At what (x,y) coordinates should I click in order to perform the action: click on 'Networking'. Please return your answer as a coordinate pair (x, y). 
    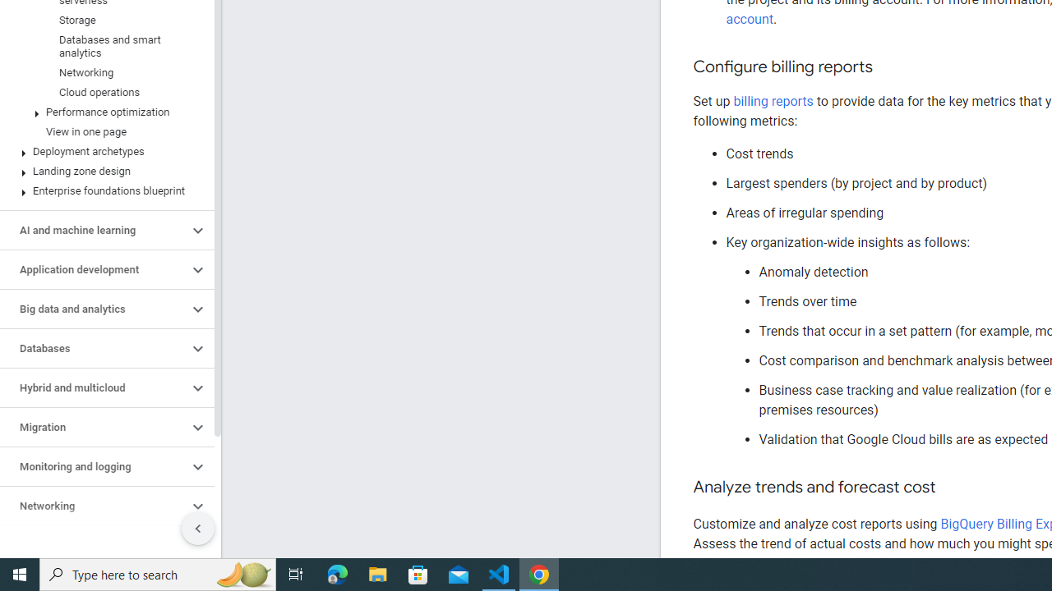
    Looking at the image, I should click on (93, 506).